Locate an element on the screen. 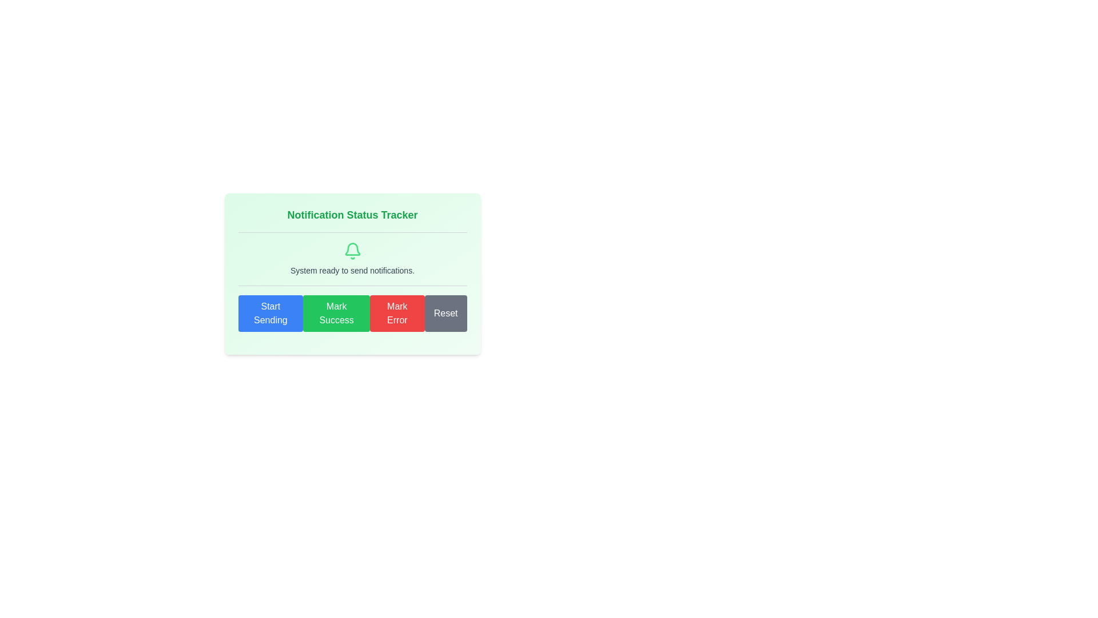 The width and height of the screenshot is (1098, 618). the 'Start Sending' button located under the 'Notification Status Tracker' header to observe its hover state is located at coordinates (270, 313).